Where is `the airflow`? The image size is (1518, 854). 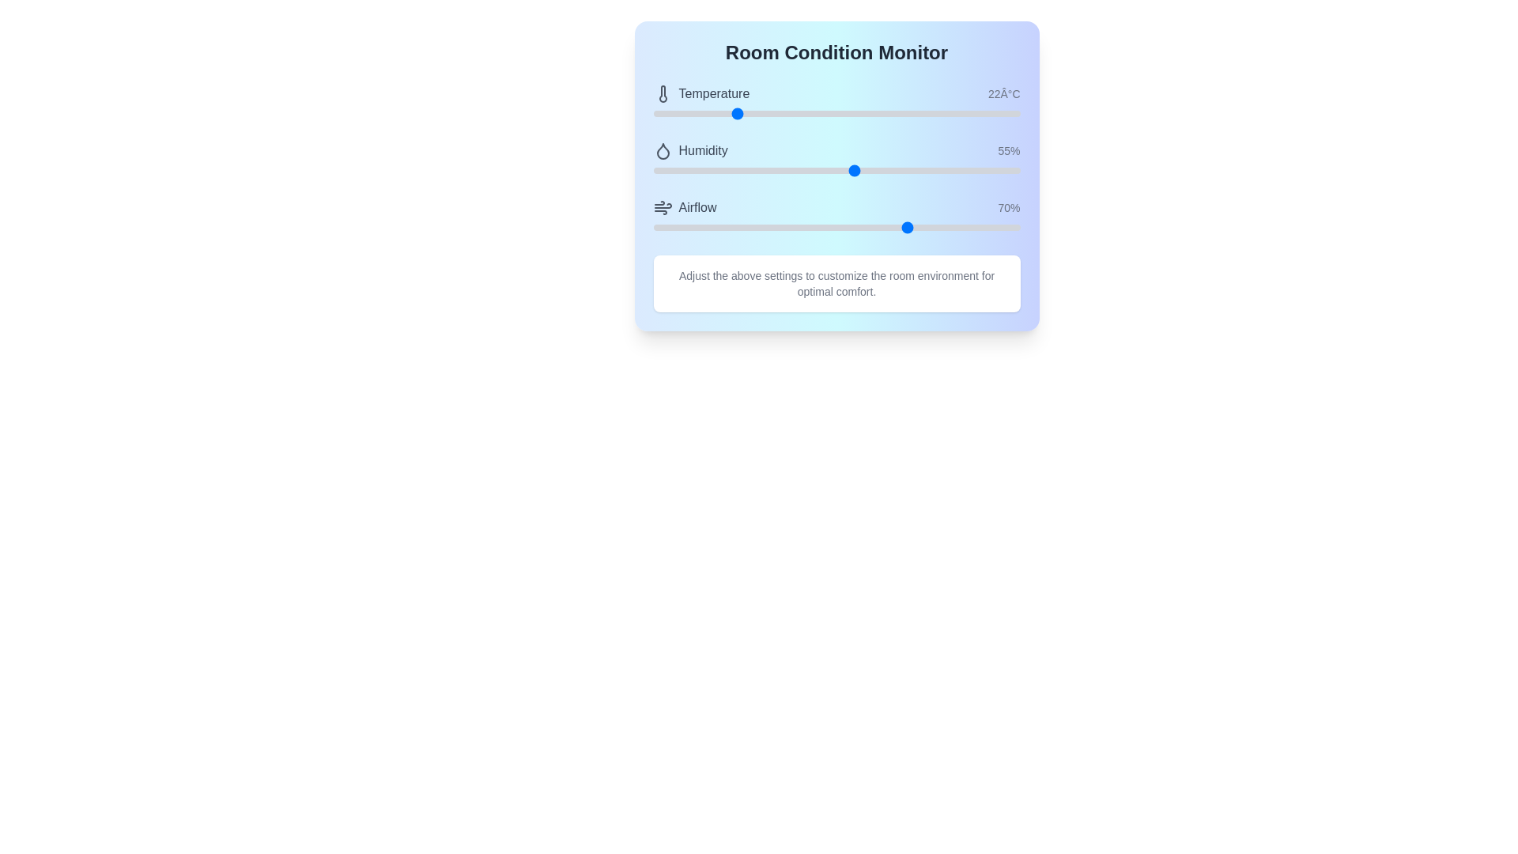 the airflow is located at coordinates (869, 228).